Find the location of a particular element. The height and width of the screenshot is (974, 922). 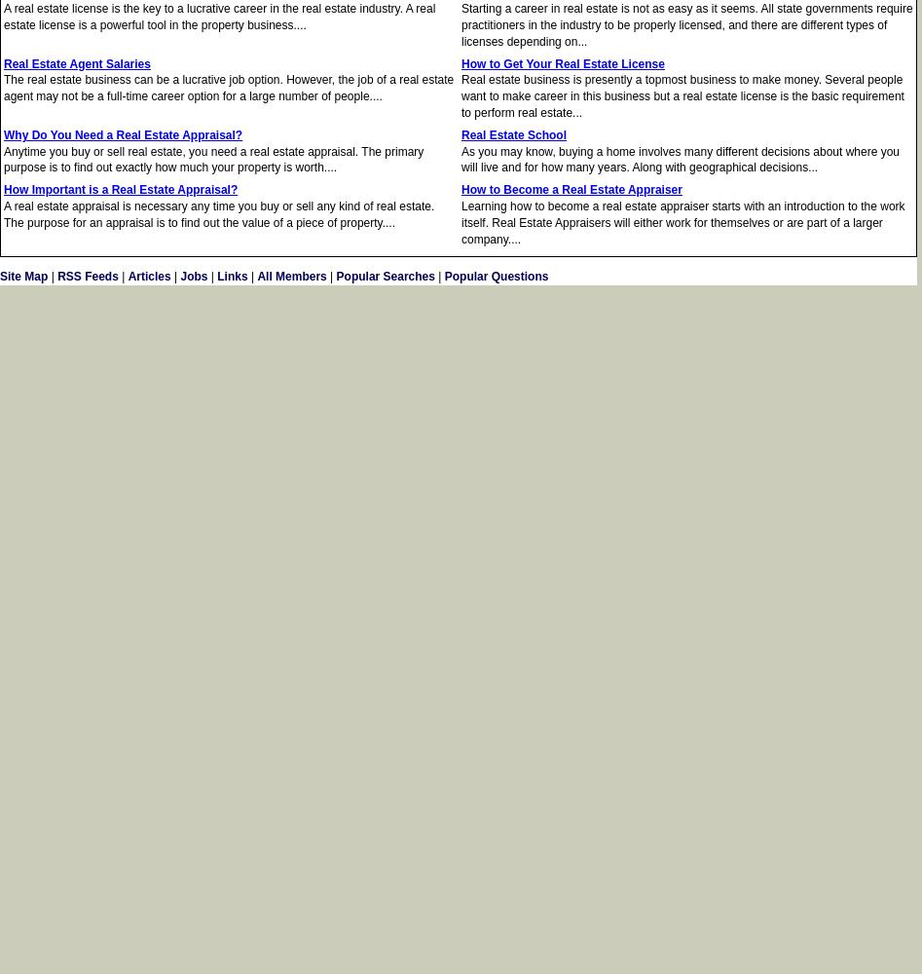

'As you may know, buying a home involves many different decisions about where you will live and for how many years. Along with geographical decisions...' is located at coordinates (461, 159).